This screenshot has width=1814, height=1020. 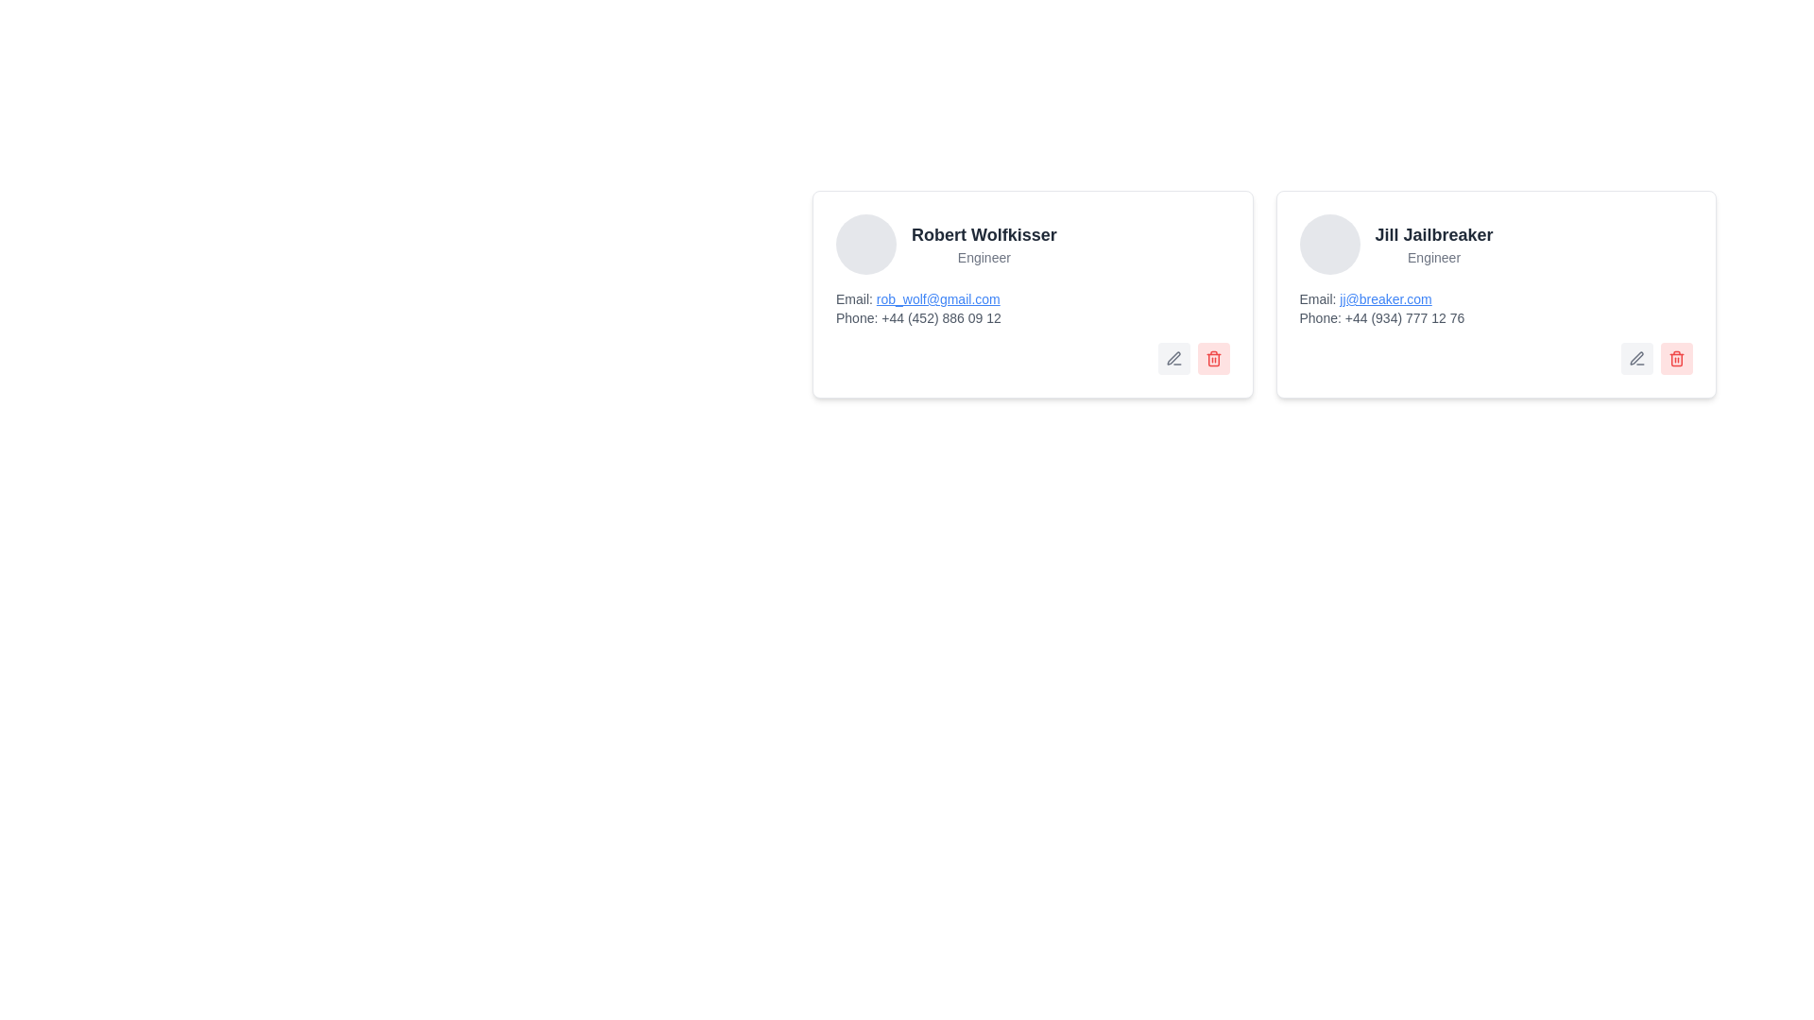 What do you see at coordinates (1032, 308) in the screenshot?
I see `the email hyperlink` at bounding box center [1032, 308].